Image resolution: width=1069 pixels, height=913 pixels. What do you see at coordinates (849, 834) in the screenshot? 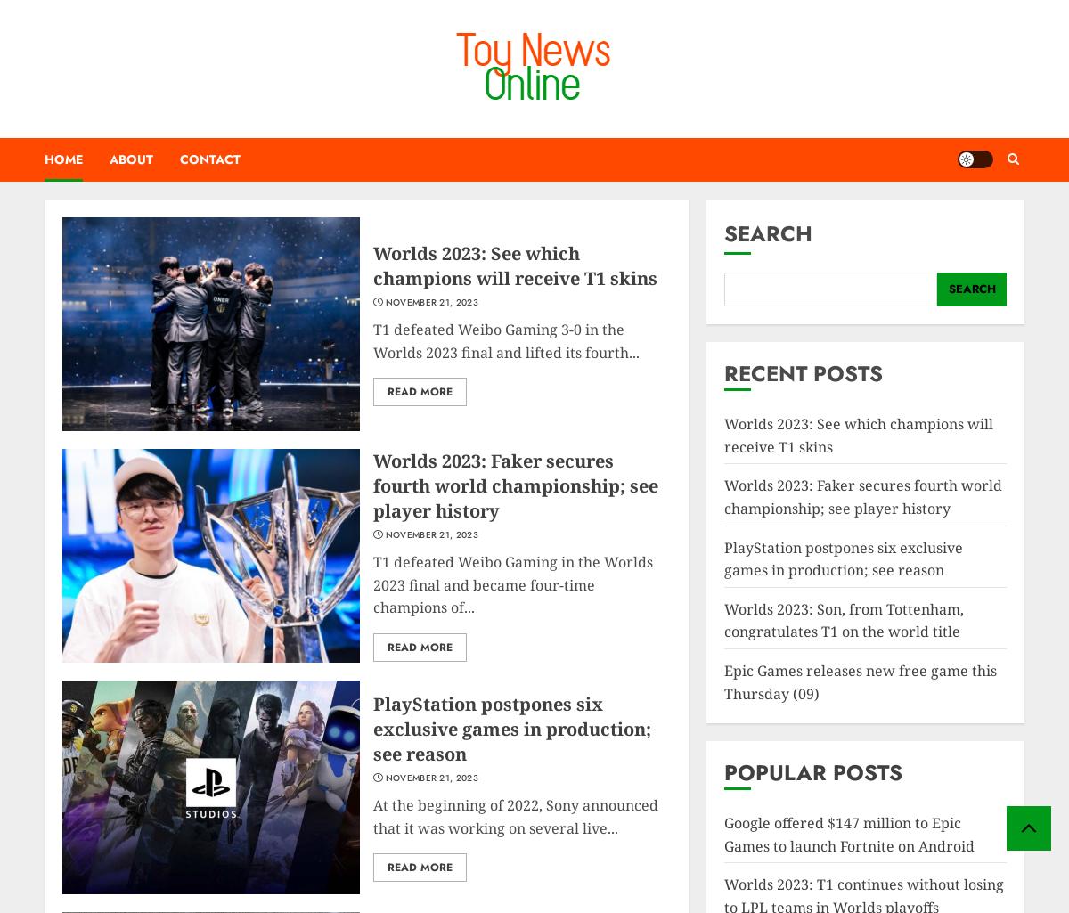
I see `'Google offered $147 million to Epic Games to launch Fortnite on Android'` at bounding box center [849, 834].